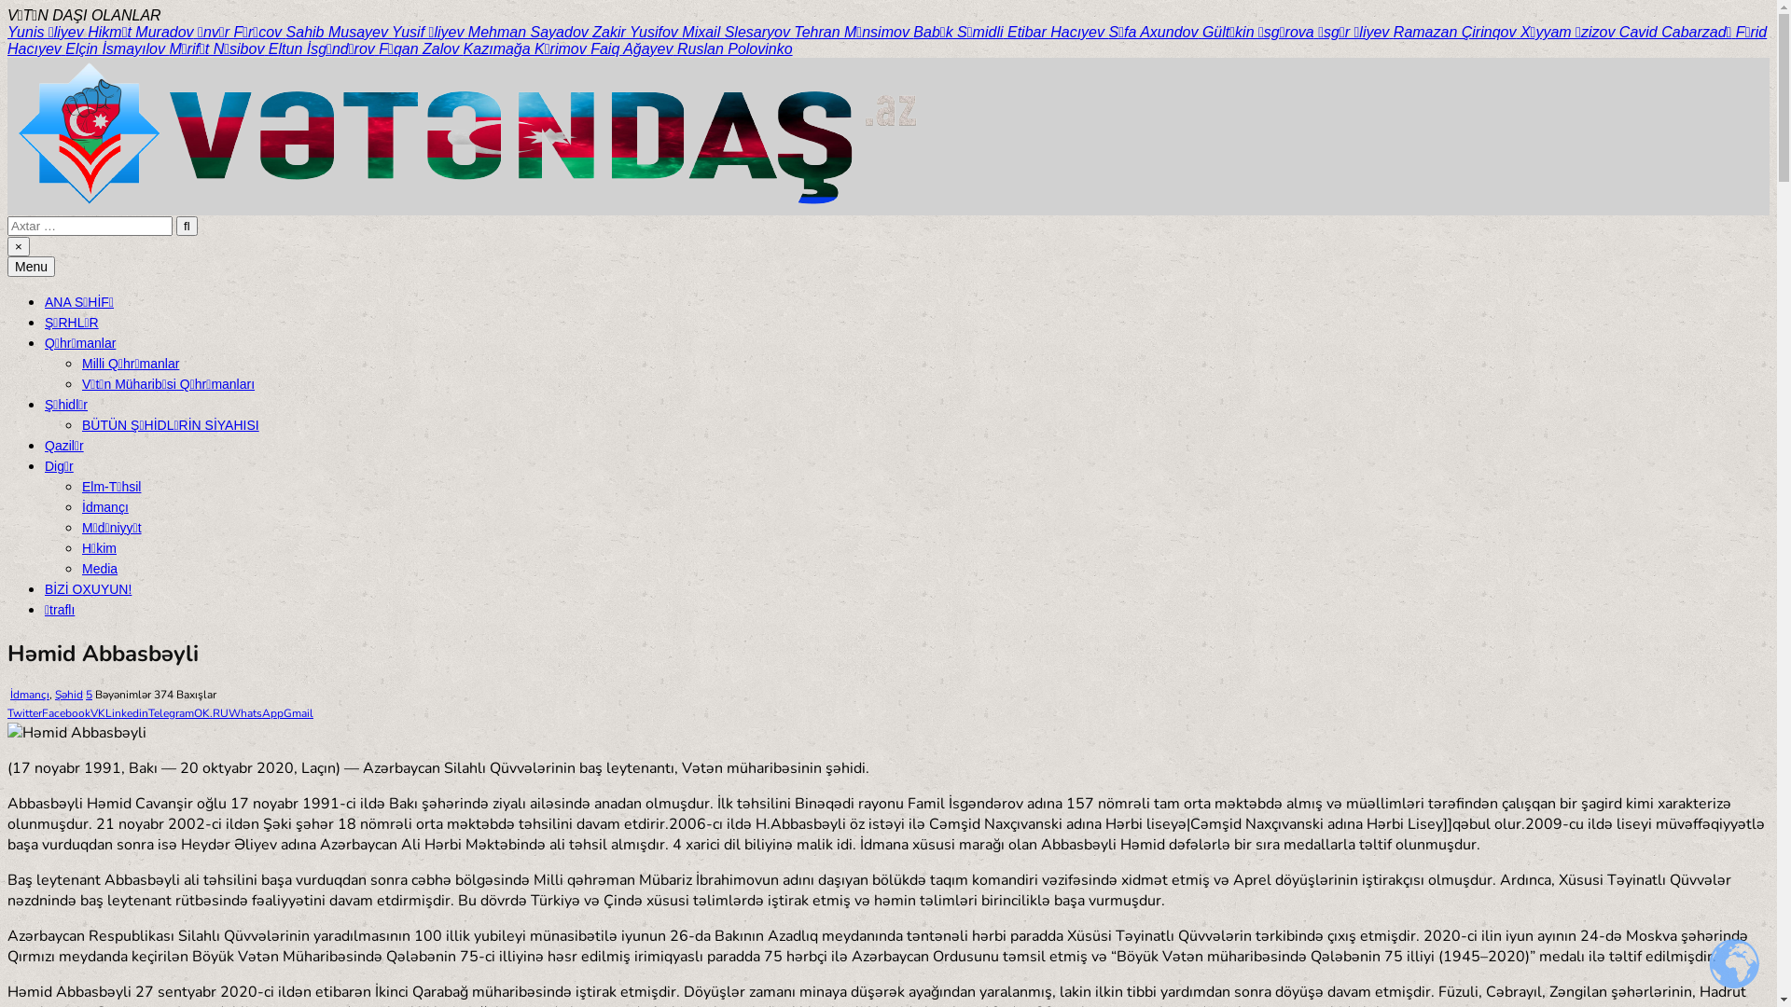 The image size is (1791, 1007). Describe the element at coordinates (97, 712) in the screenshot. I see `'VK'` at that location.